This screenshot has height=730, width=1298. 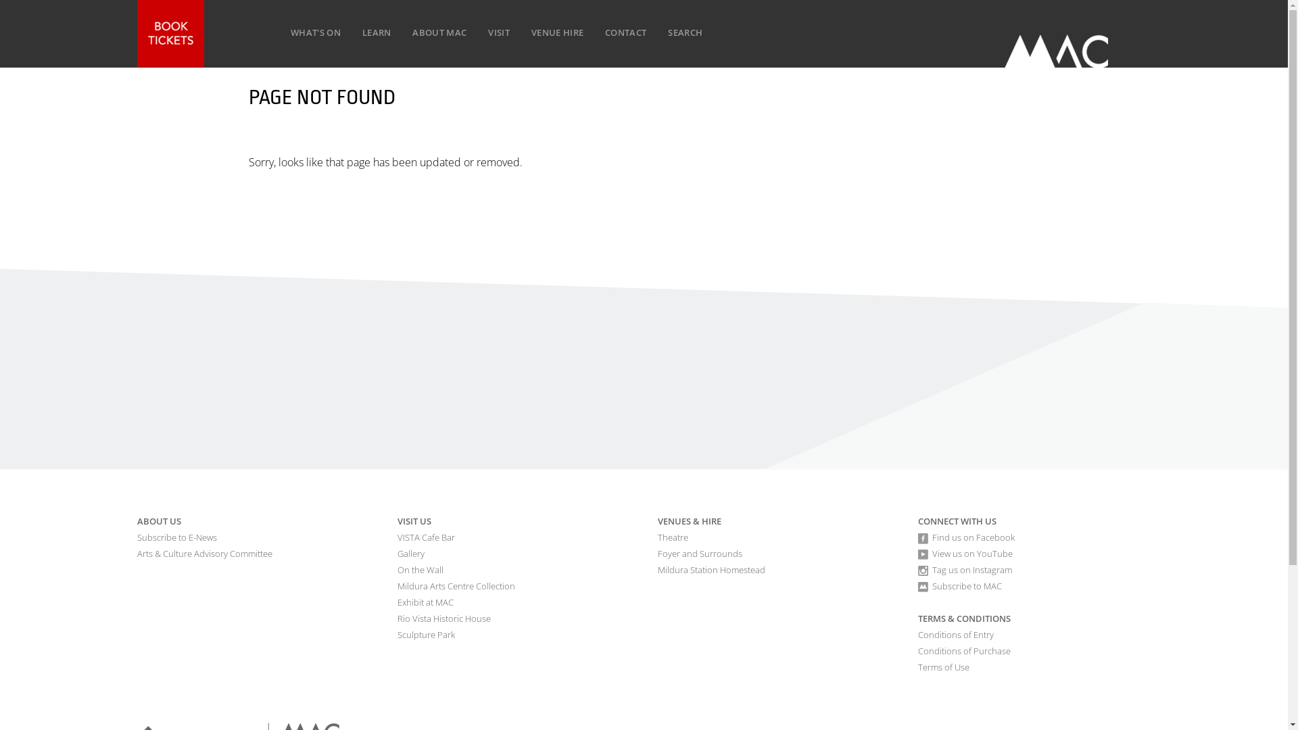 What do you see at coordinates (699, 553) in the screenshot?
I see `'Foyer and Surrounds'` at bounding box center [699, 553].